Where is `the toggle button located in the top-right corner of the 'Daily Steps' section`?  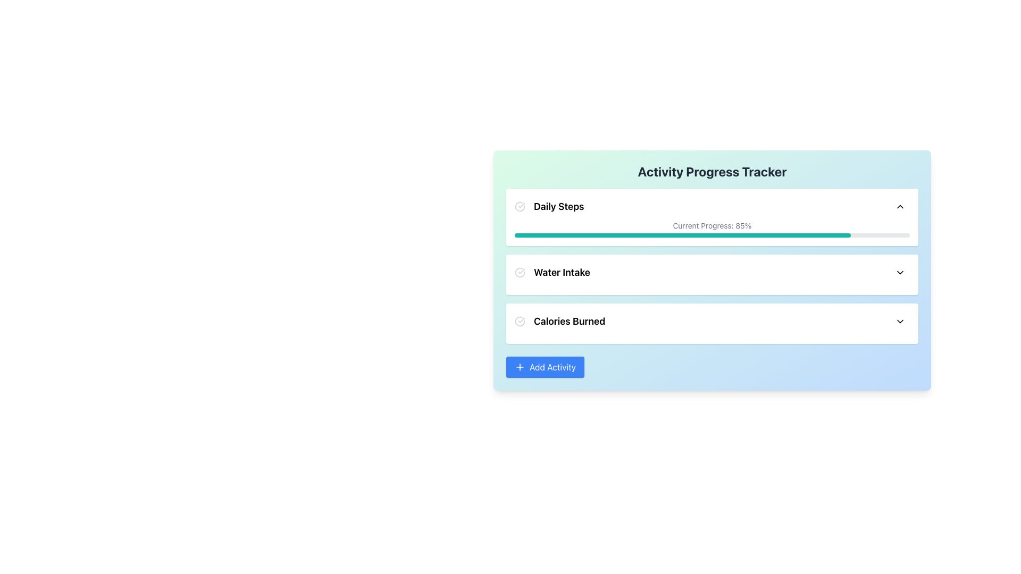
the toggle button located in the top-right corner of the 'Daily Steps' section is located at coordinates (900, 207).